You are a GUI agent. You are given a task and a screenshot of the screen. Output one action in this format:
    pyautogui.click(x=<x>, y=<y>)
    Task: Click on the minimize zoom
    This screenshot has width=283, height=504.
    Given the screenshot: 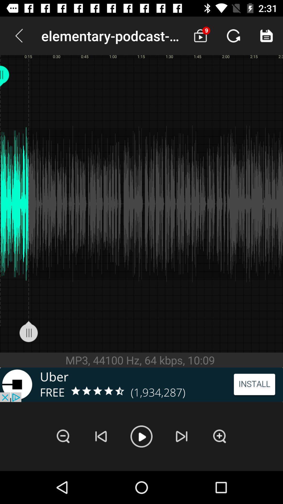 What is the action you would take?
    pyautogui.click(x=63, y=436)
    